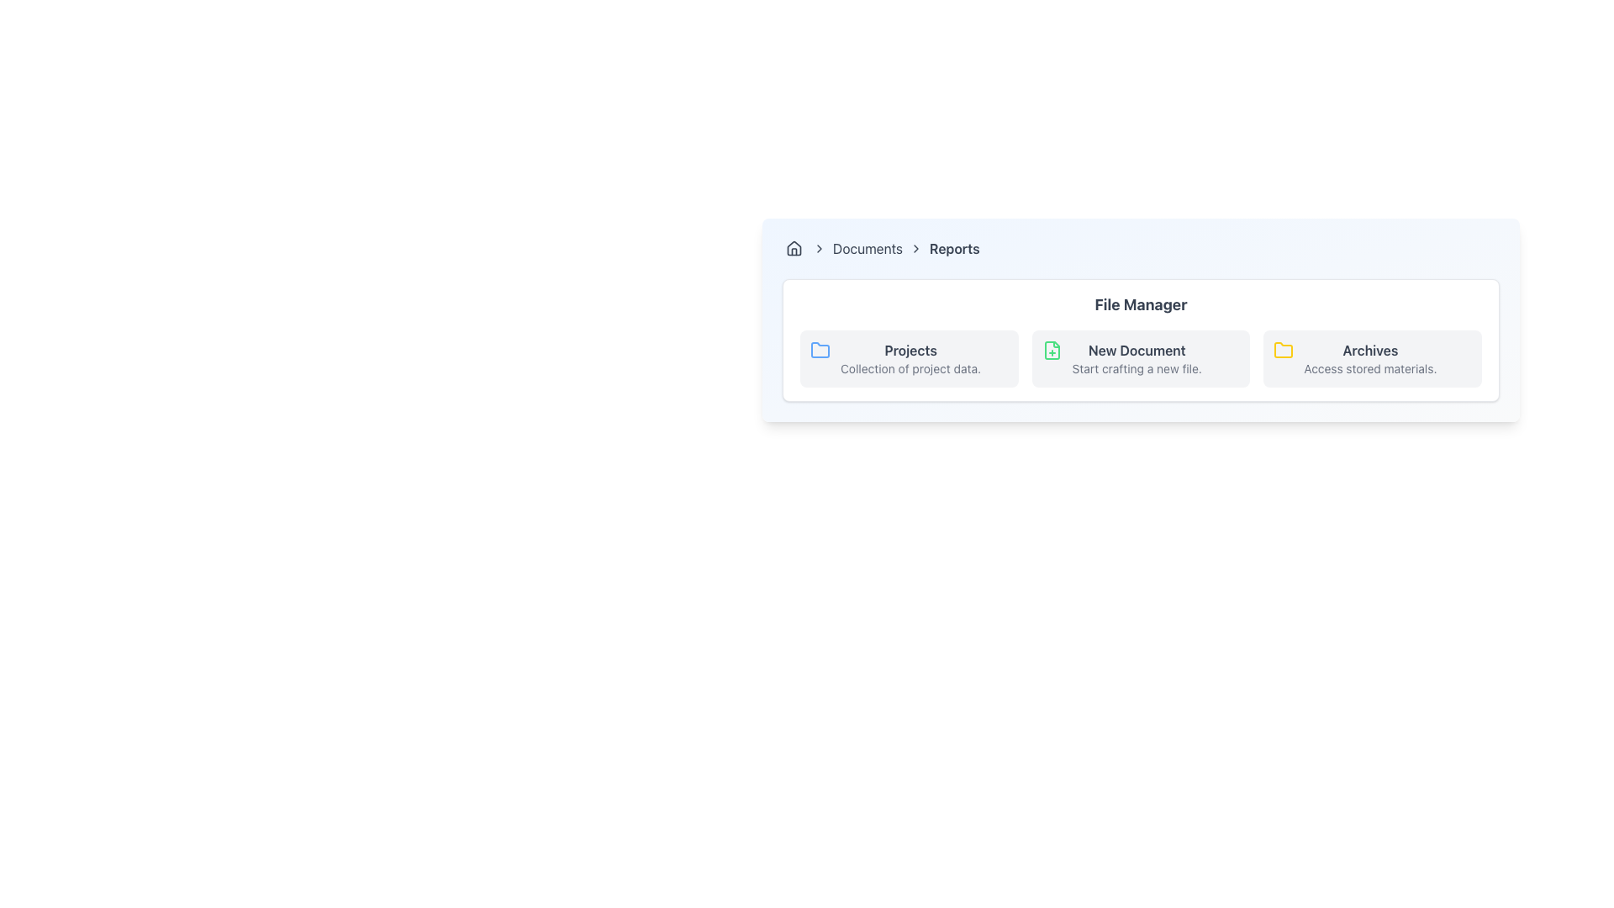 The height and width of the screenshot is (908, 1614). Describe the element at coordinates (908, 358) in the screenshot. I see `the first Category card in the 'File Manager' section, which contains a blue folder icon and the title 'Projects' with a subtitle 'Collection of project data.'` at that location.